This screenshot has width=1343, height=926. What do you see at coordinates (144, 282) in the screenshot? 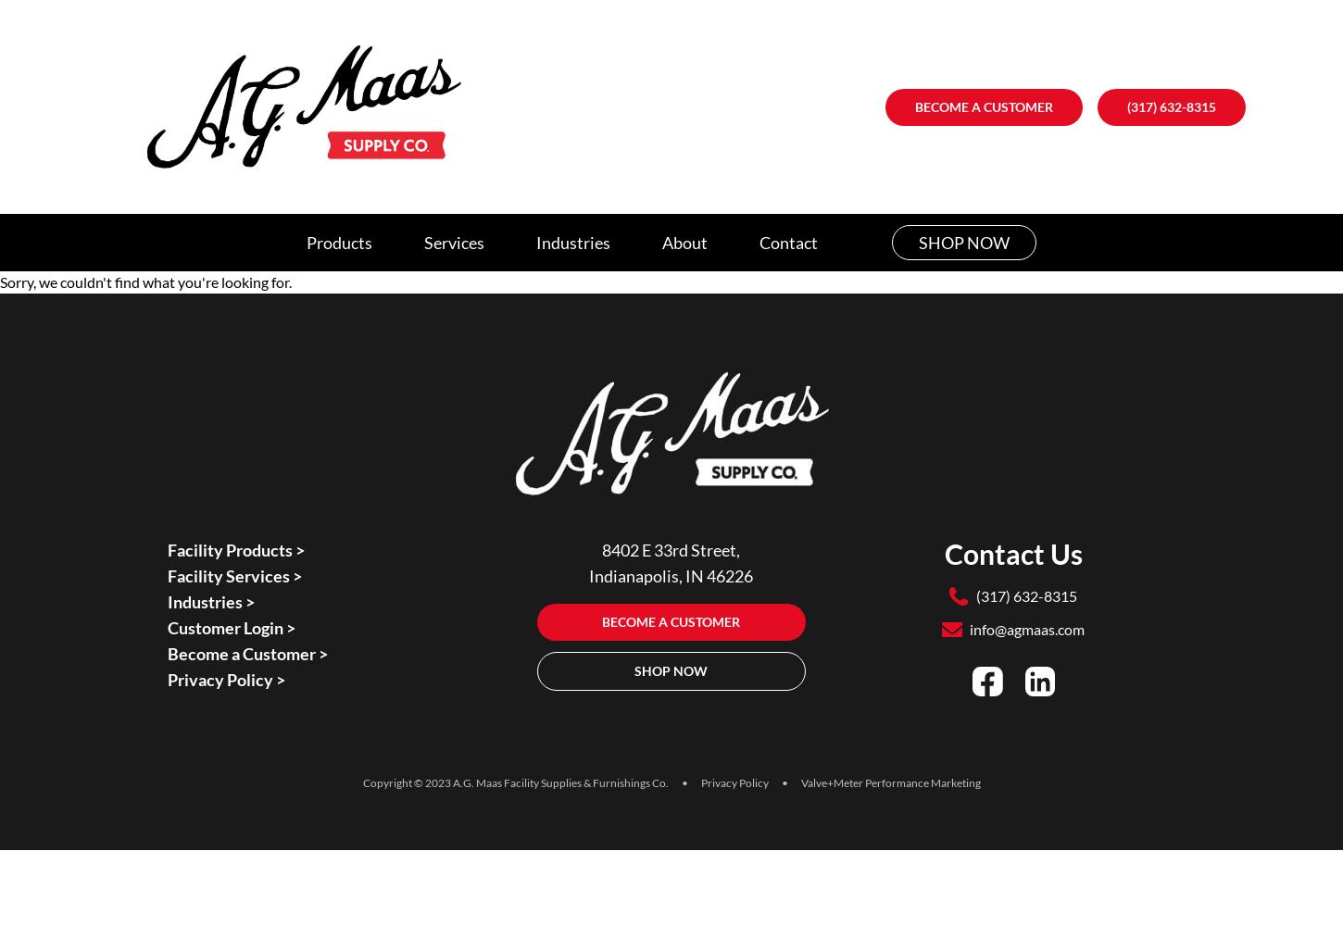
I see `'Sorry, we couldn't find what you're looking for.'` at bounding box center [144, 282].